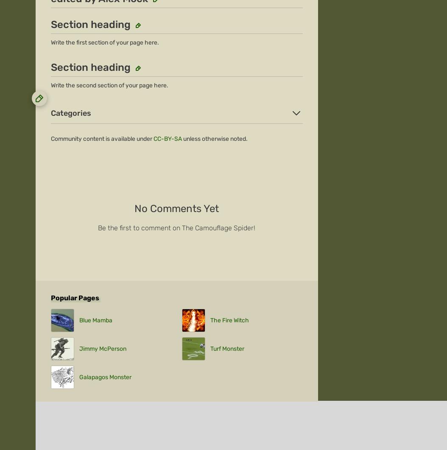  I want to click on 'Privacy Policy', so click(183, 99).